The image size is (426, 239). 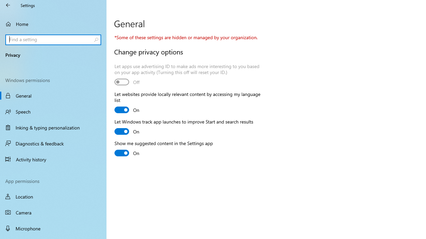 I want to click on 'Inking & typing personalization', so click(x=53, y=127).